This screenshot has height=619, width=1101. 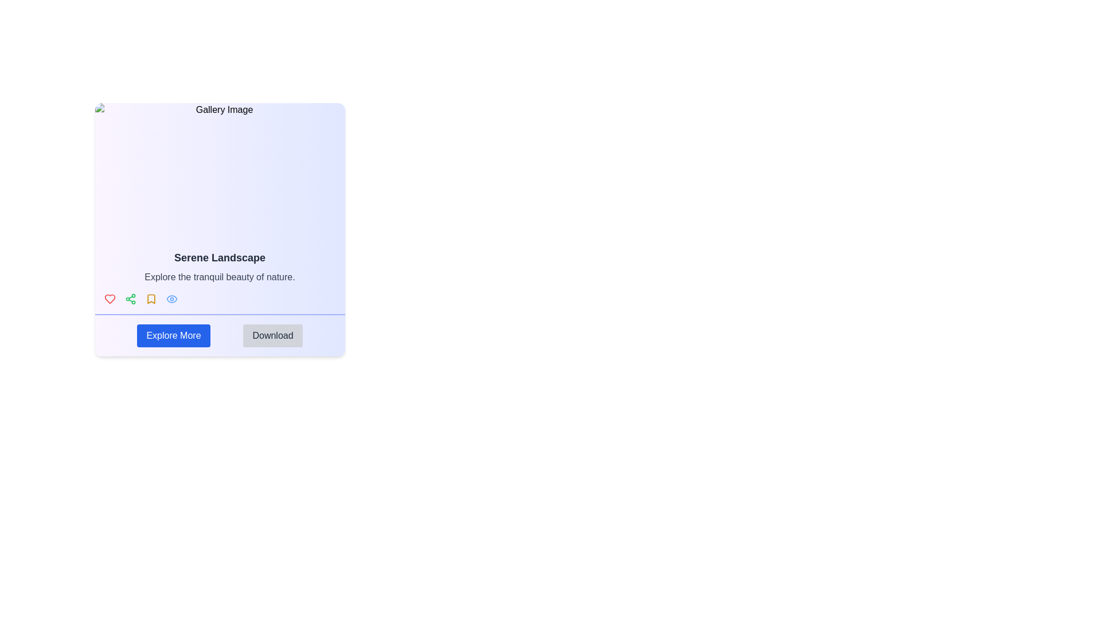 What do you see at coordinates (110, 298) in the screenshot?
I see `the heart-shaped icon outlined in red, located below the text 'Serene Landscape'` at bounding box center [110, 298].